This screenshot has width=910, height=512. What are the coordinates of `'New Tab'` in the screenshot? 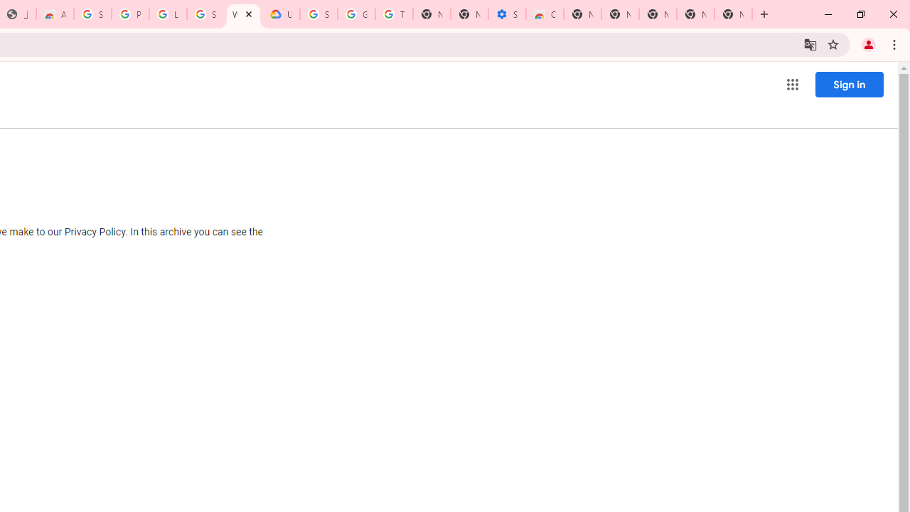 It's located at (764, 14).